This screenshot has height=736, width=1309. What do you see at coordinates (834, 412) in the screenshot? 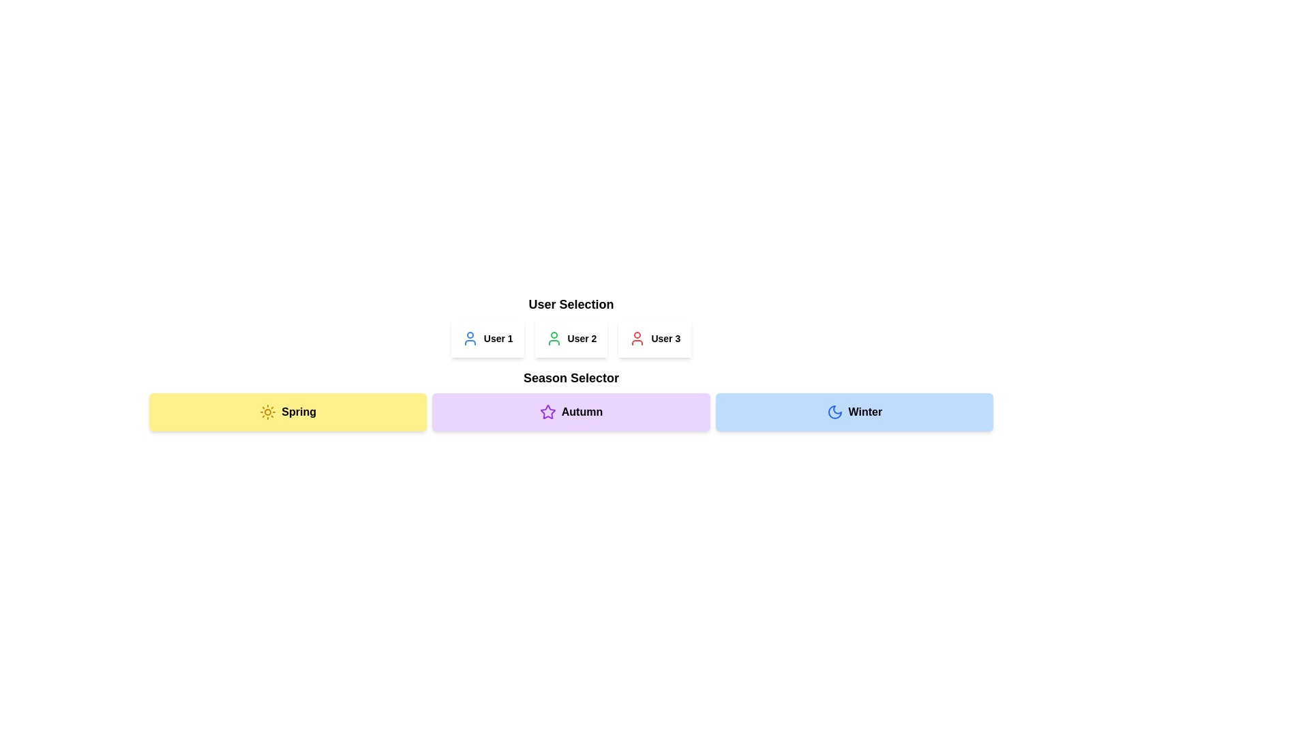
I see `the 'Winter' button which contains the crescent moon icon representing the 'Winter' season` at bounding box center [834, 412].